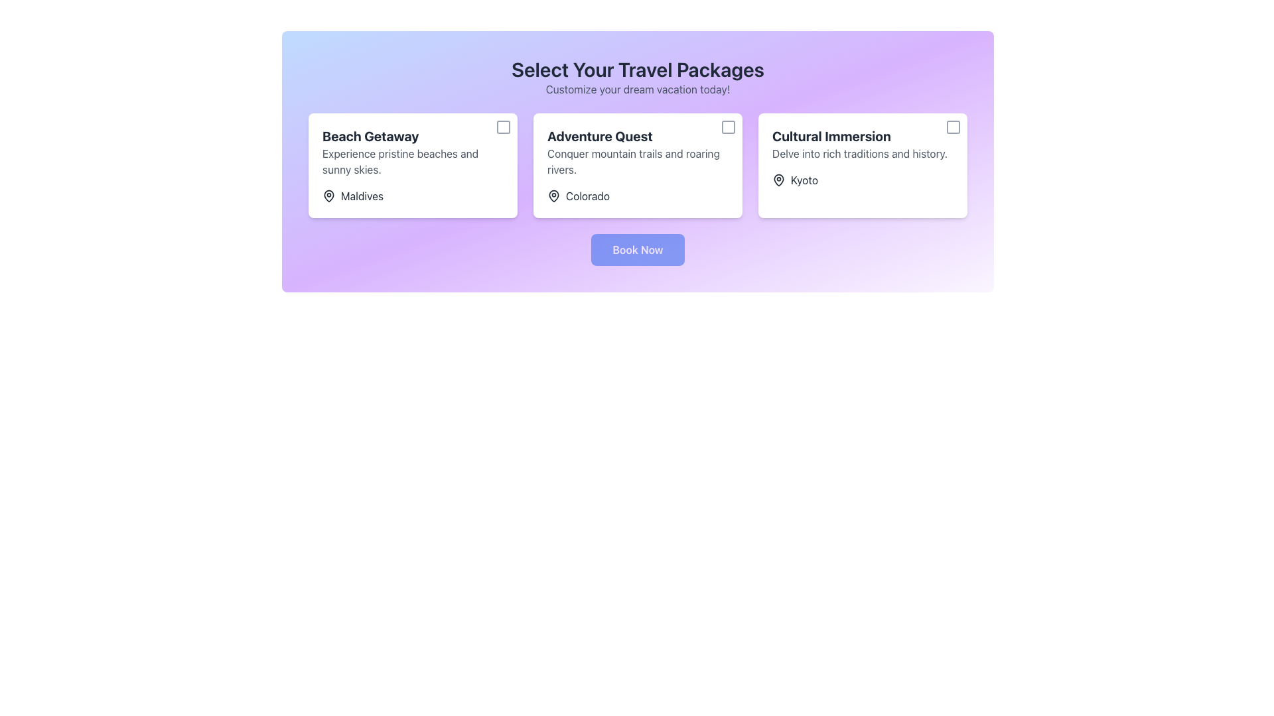 The height and width of the screenshot is (716, 1274). Describe the element at coordinates (502, 127) in the screenshot. I see `the icon or decorative element located in the top-right corner of the 'Beach Getaway' card, which serves as an additional indicator for the card` at that location.